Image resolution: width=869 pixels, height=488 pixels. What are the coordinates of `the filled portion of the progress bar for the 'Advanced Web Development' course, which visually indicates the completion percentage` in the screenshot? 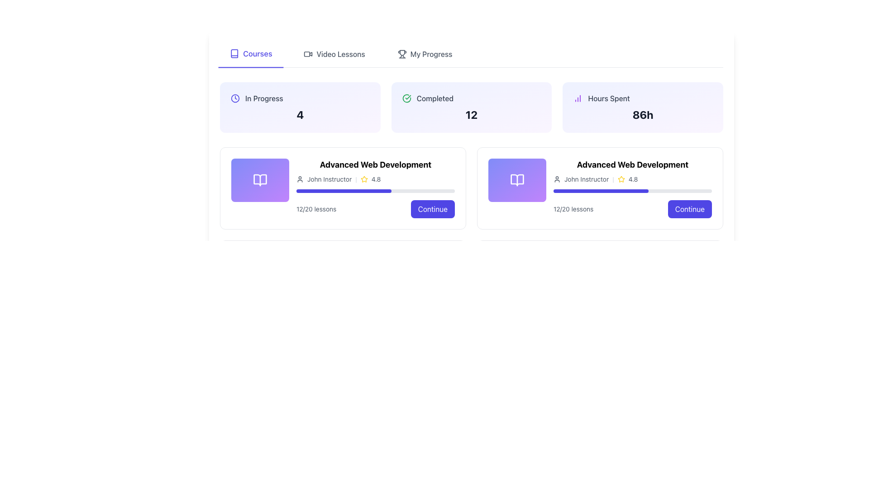 It's located at (601, 191).